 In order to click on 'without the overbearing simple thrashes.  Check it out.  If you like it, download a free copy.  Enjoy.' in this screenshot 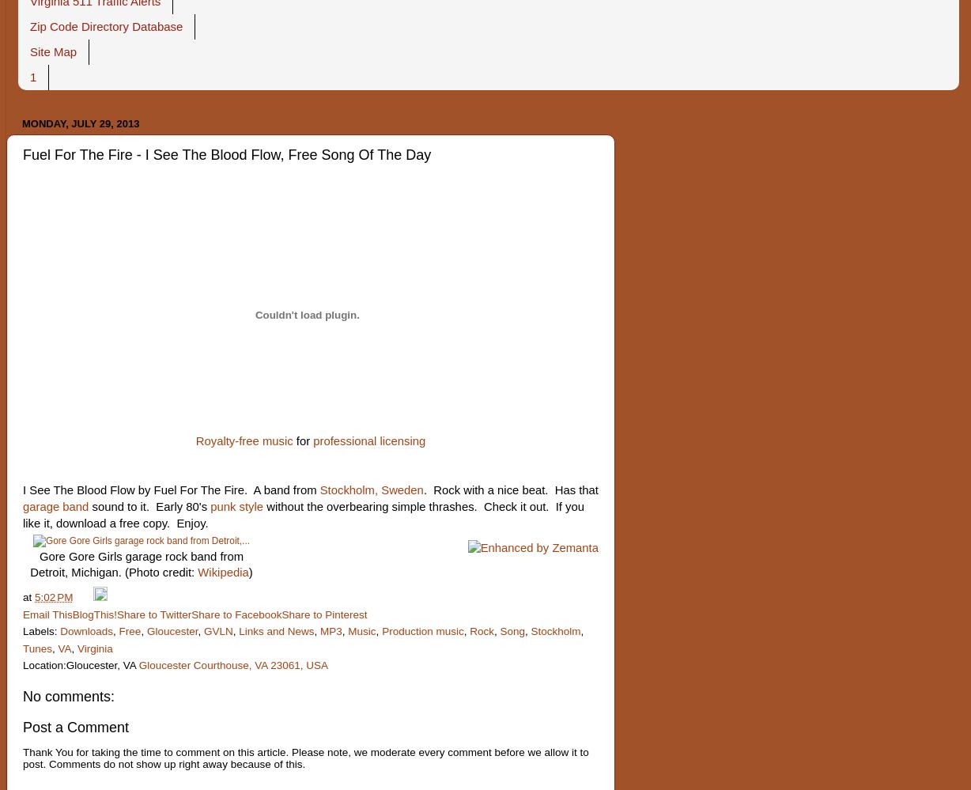, I will do `click(303, 514)`.